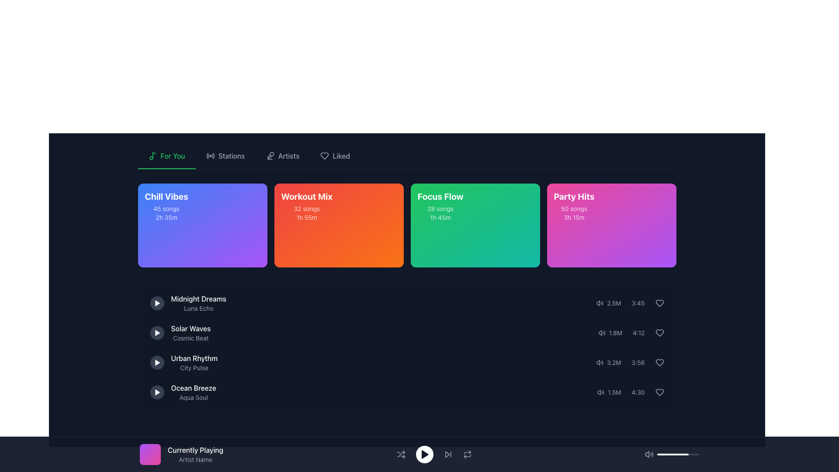 Image resolution: width=839 pixels, height=472 pixels. I want to click on the heart-shaped icon representing the 'Liked' section in the top navigation bar, so click(324, 156).